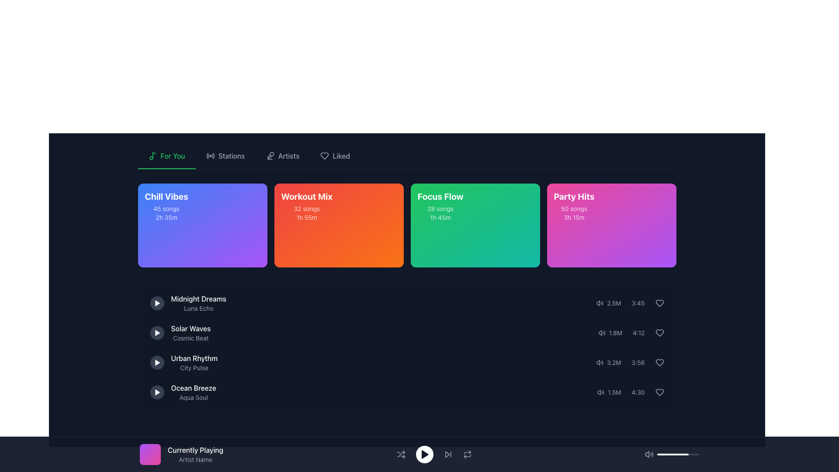 Image resolution: width=839 pixels, height=472 pixels. I want to click on the heart-shaped icon representing the 'Liked' section in the top navigation bar, so click(324, 156).